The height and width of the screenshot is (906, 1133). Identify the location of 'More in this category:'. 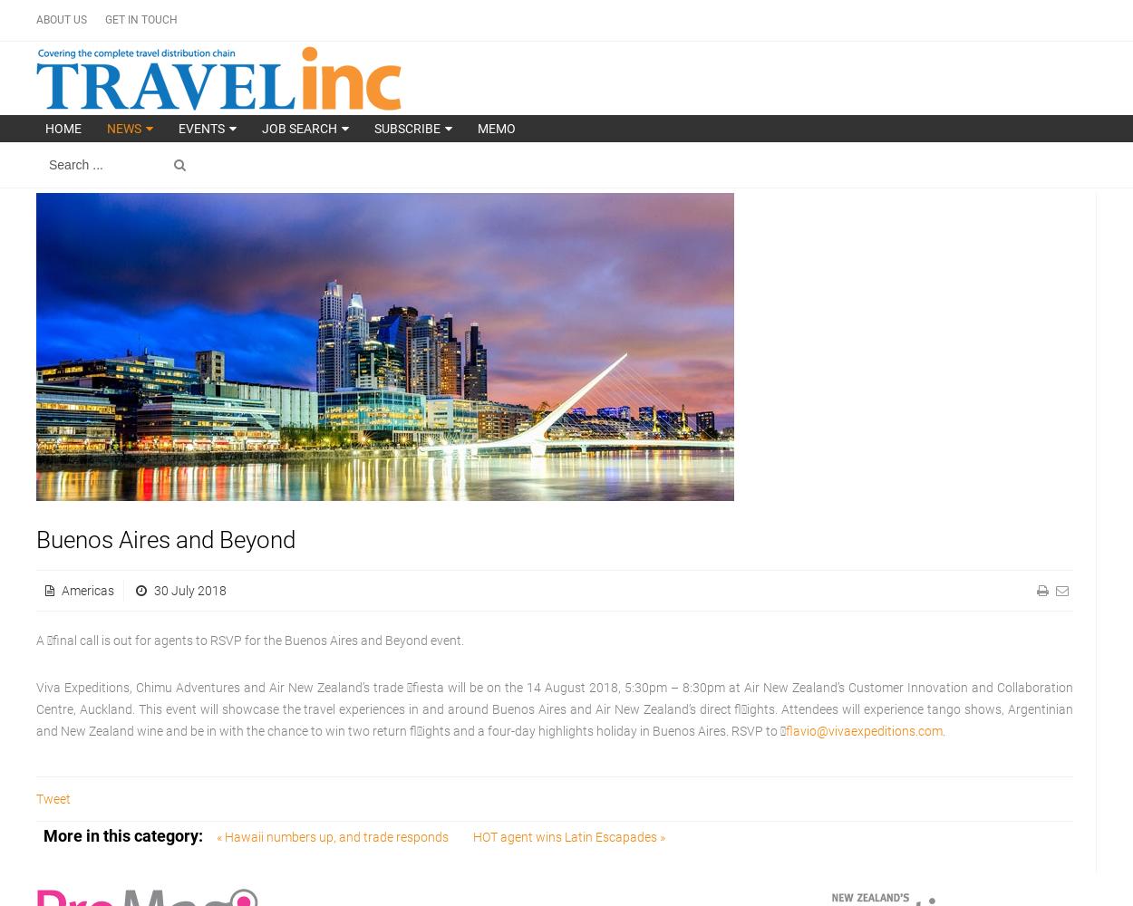
(123, 835).